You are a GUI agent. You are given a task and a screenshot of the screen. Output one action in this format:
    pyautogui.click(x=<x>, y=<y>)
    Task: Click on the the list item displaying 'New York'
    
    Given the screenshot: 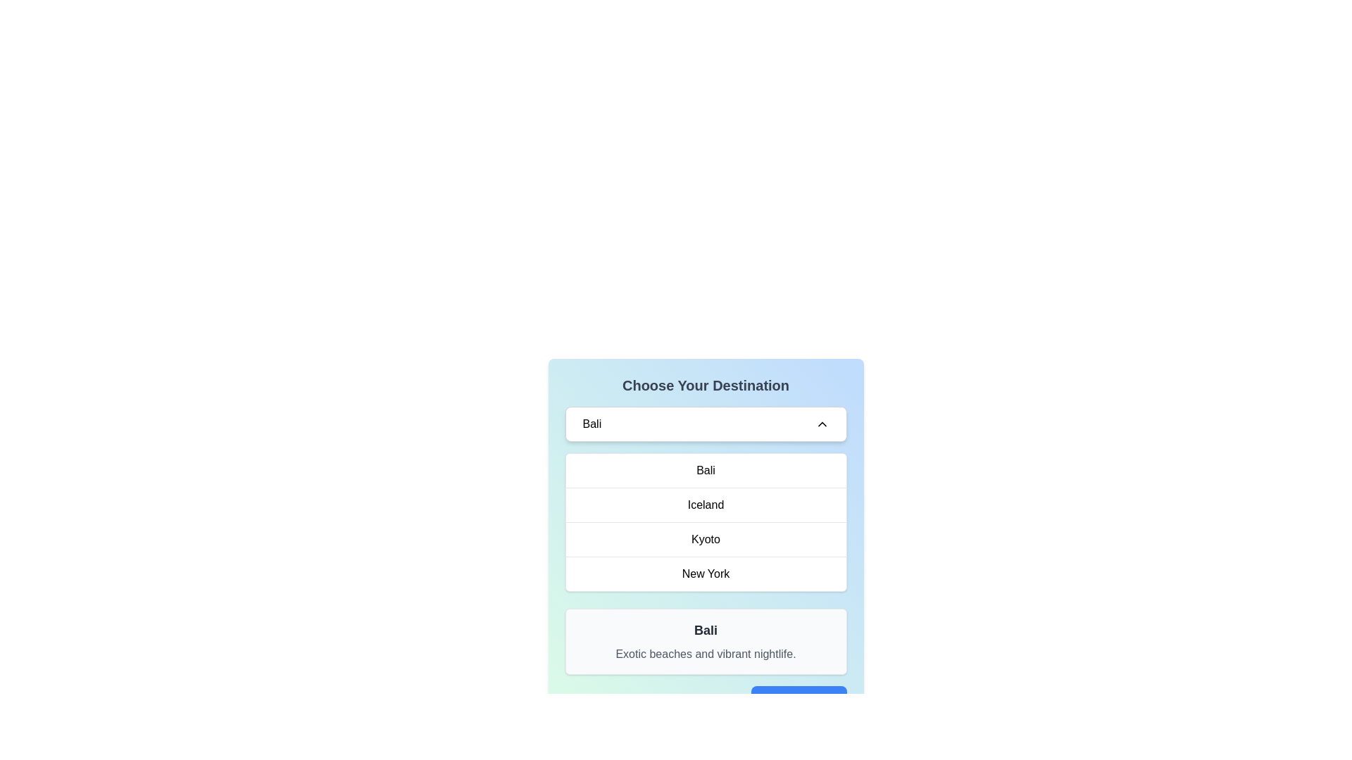 What is the action you would take?
    pyautogui.click(x=706, y=574)
    